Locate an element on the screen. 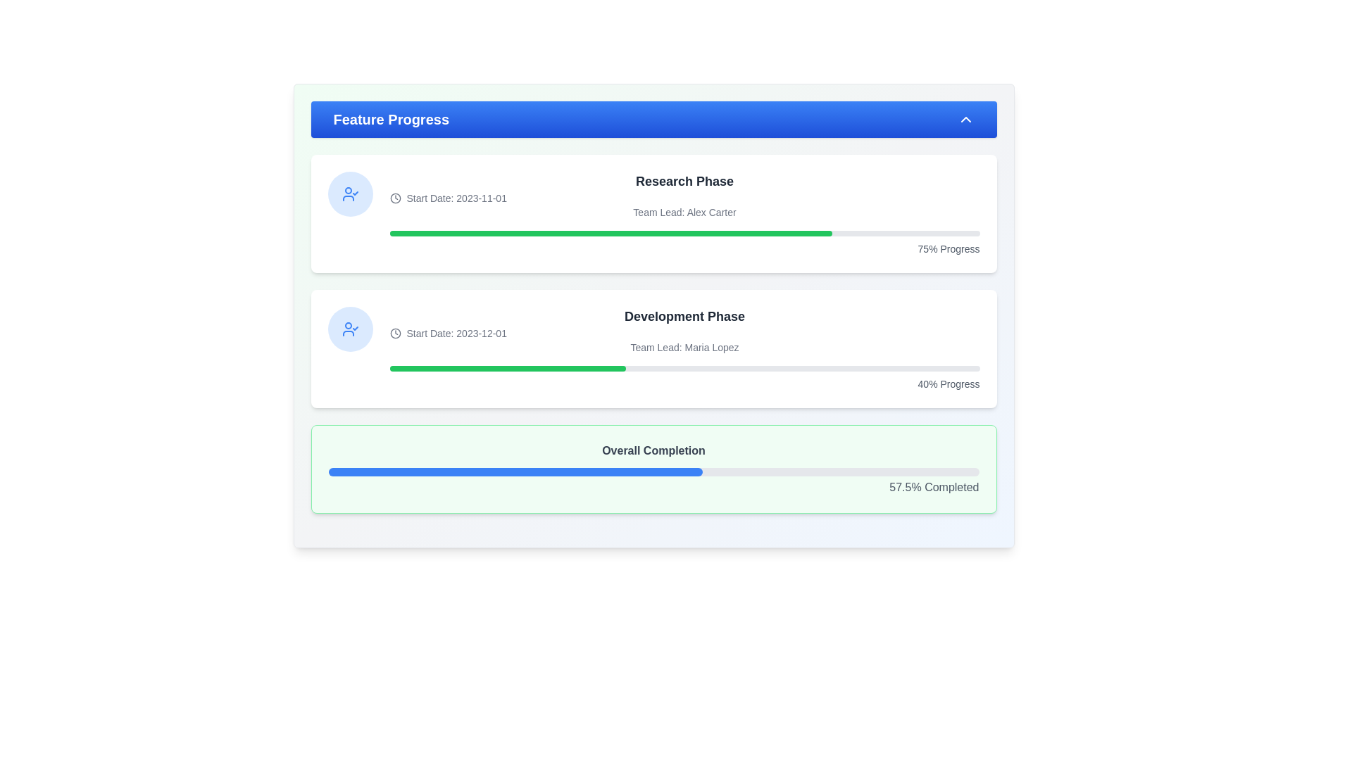 This screenshot has height=760, width=1352. the green progress bar located below the text 'Team Lead: Alex Carter' in the 'Research Phase' section is located at coordinates (684, 232).